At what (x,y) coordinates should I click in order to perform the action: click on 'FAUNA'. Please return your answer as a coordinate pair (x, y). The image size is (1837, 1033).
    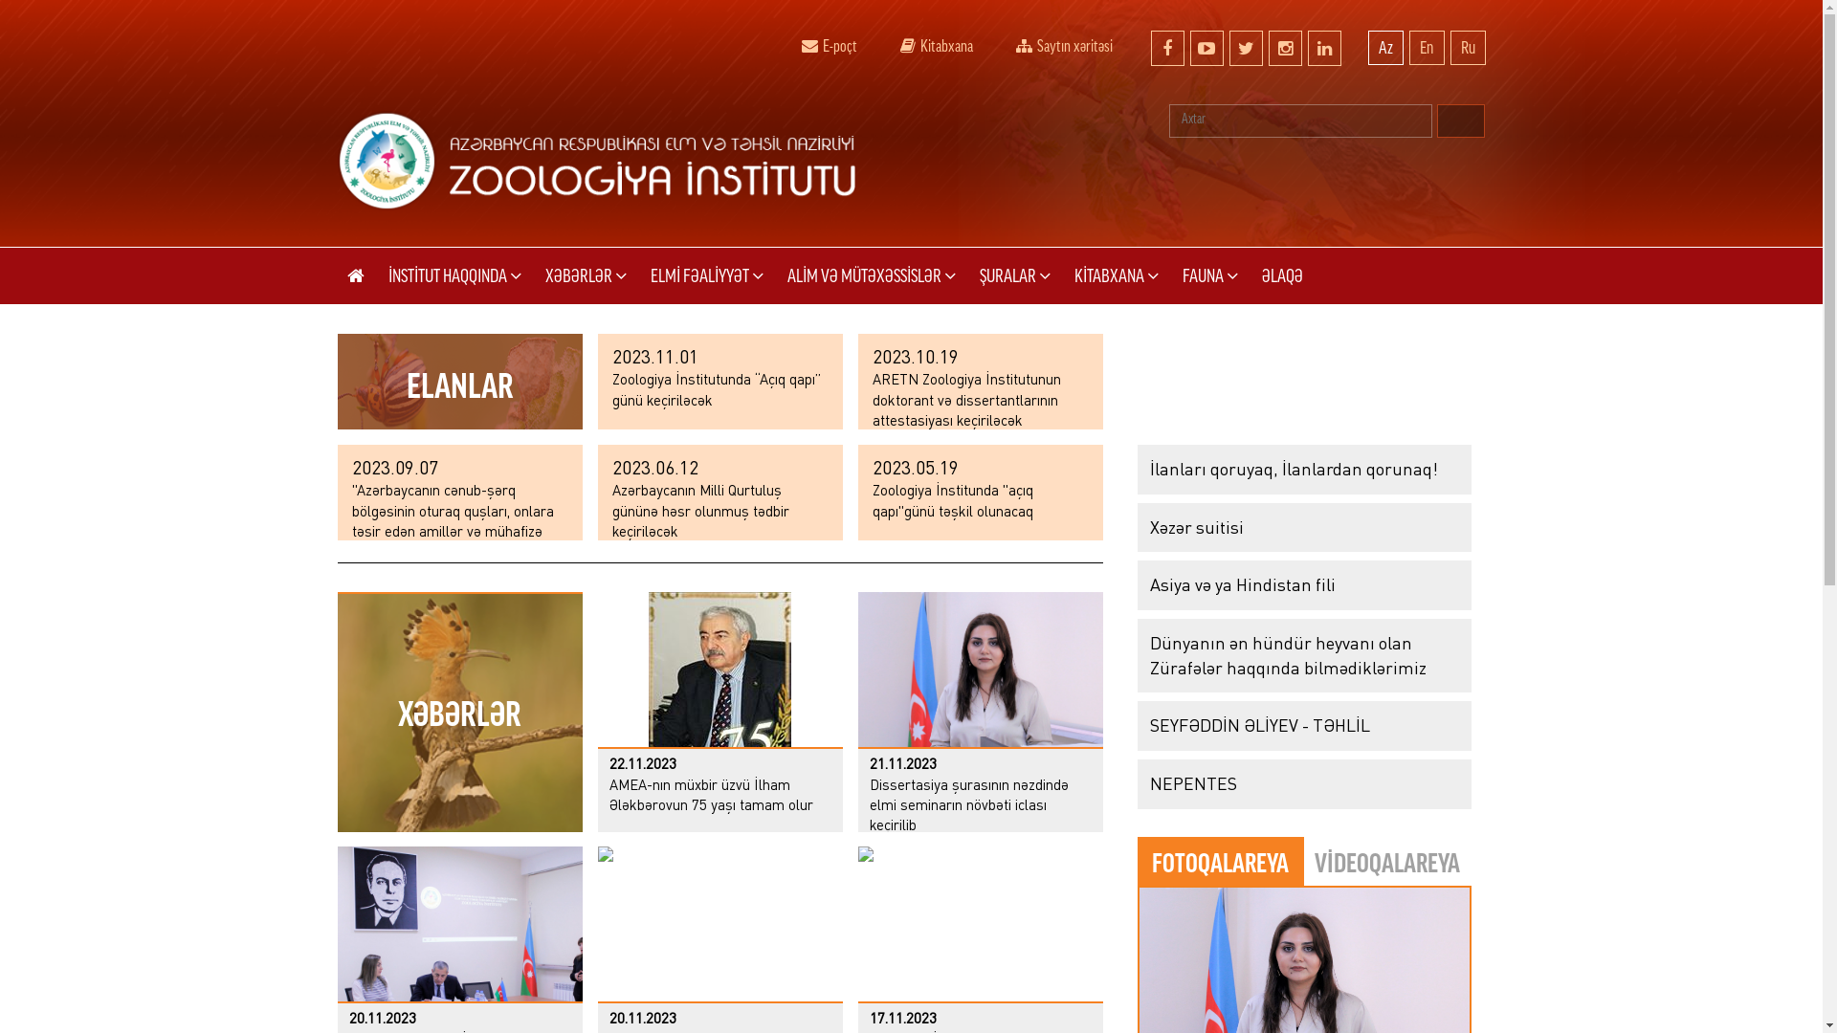
    Looking at the image, I should click on (1209, 275).